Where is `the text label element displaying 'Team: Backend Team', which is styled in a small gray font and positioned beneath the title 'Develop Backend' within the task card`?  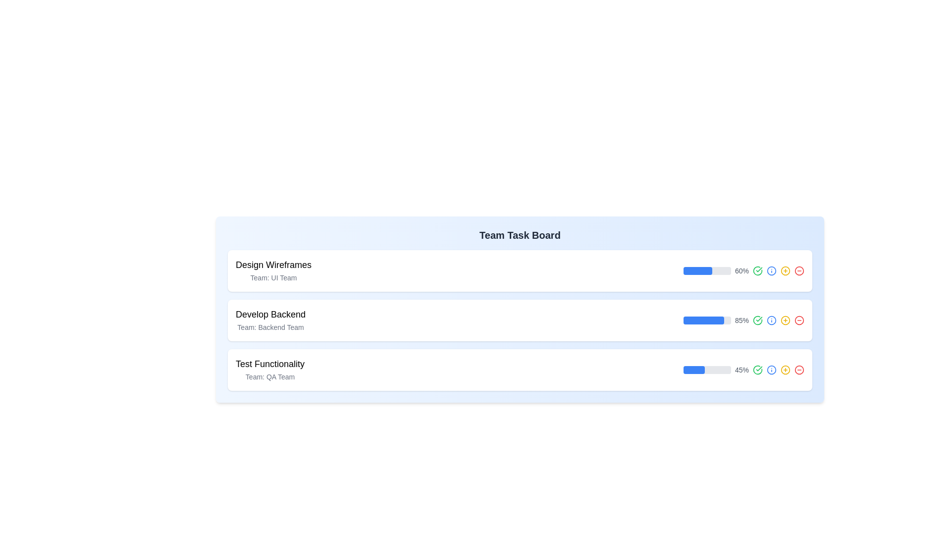 the text label element displaying 'Team: Backend Team', which is styled in a small gray font and positioned beneath the title 'Develop Backend' within the task card is located at coordinates (270, 327).